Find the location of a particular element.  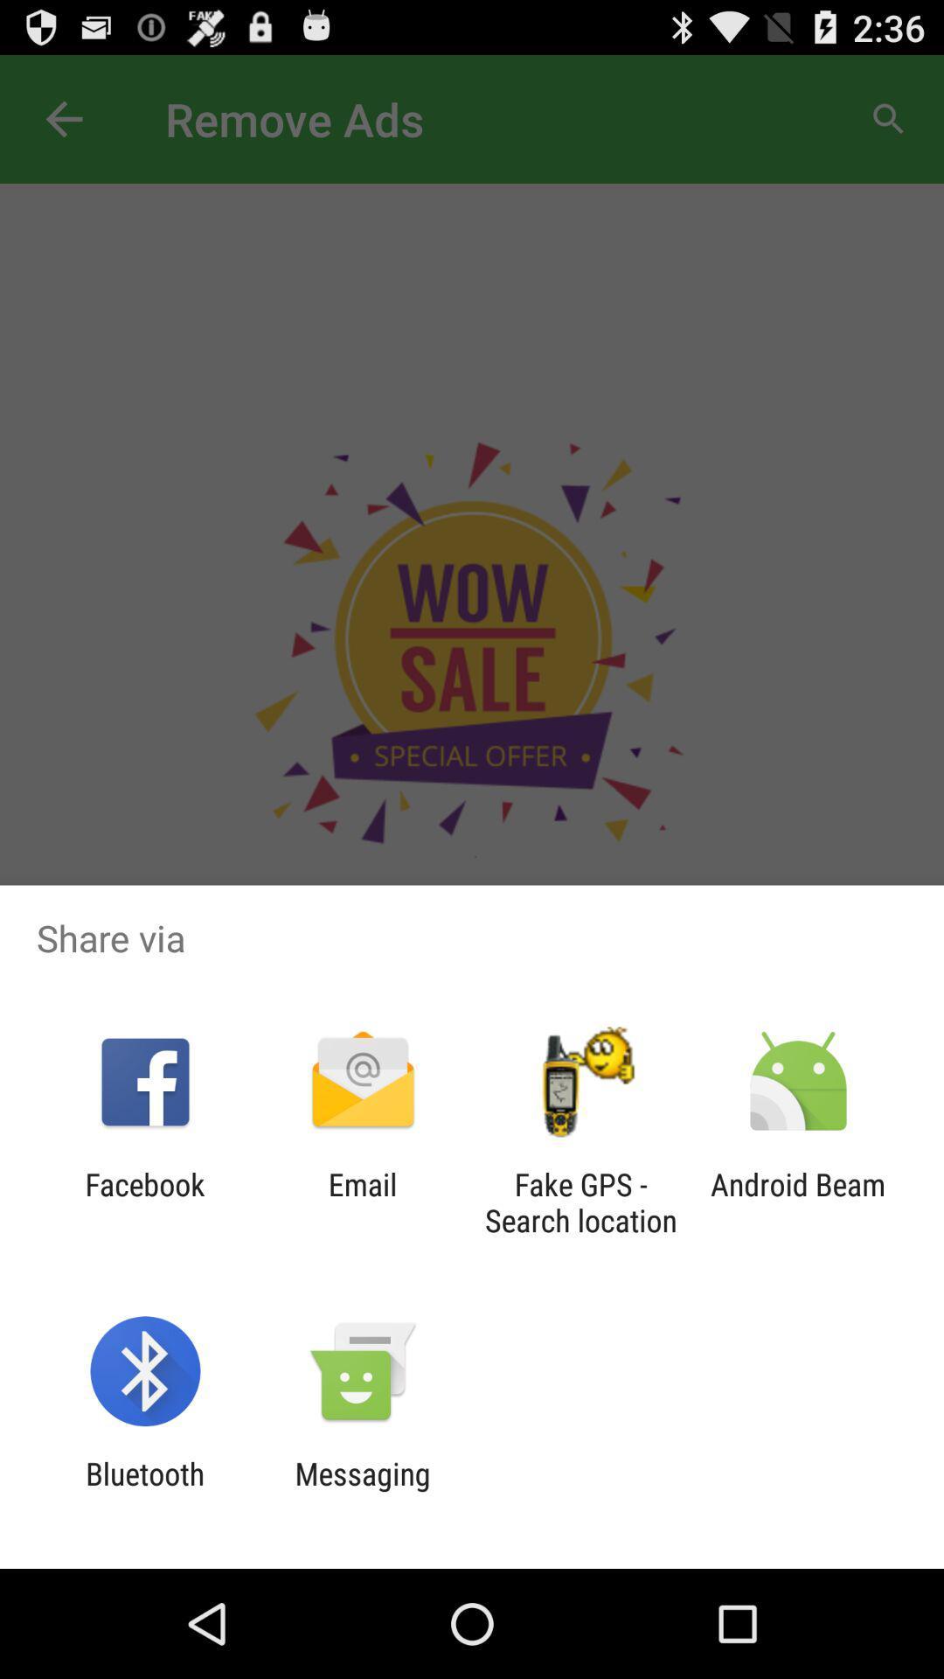

the facebook is located at coordinates (144, 1202).